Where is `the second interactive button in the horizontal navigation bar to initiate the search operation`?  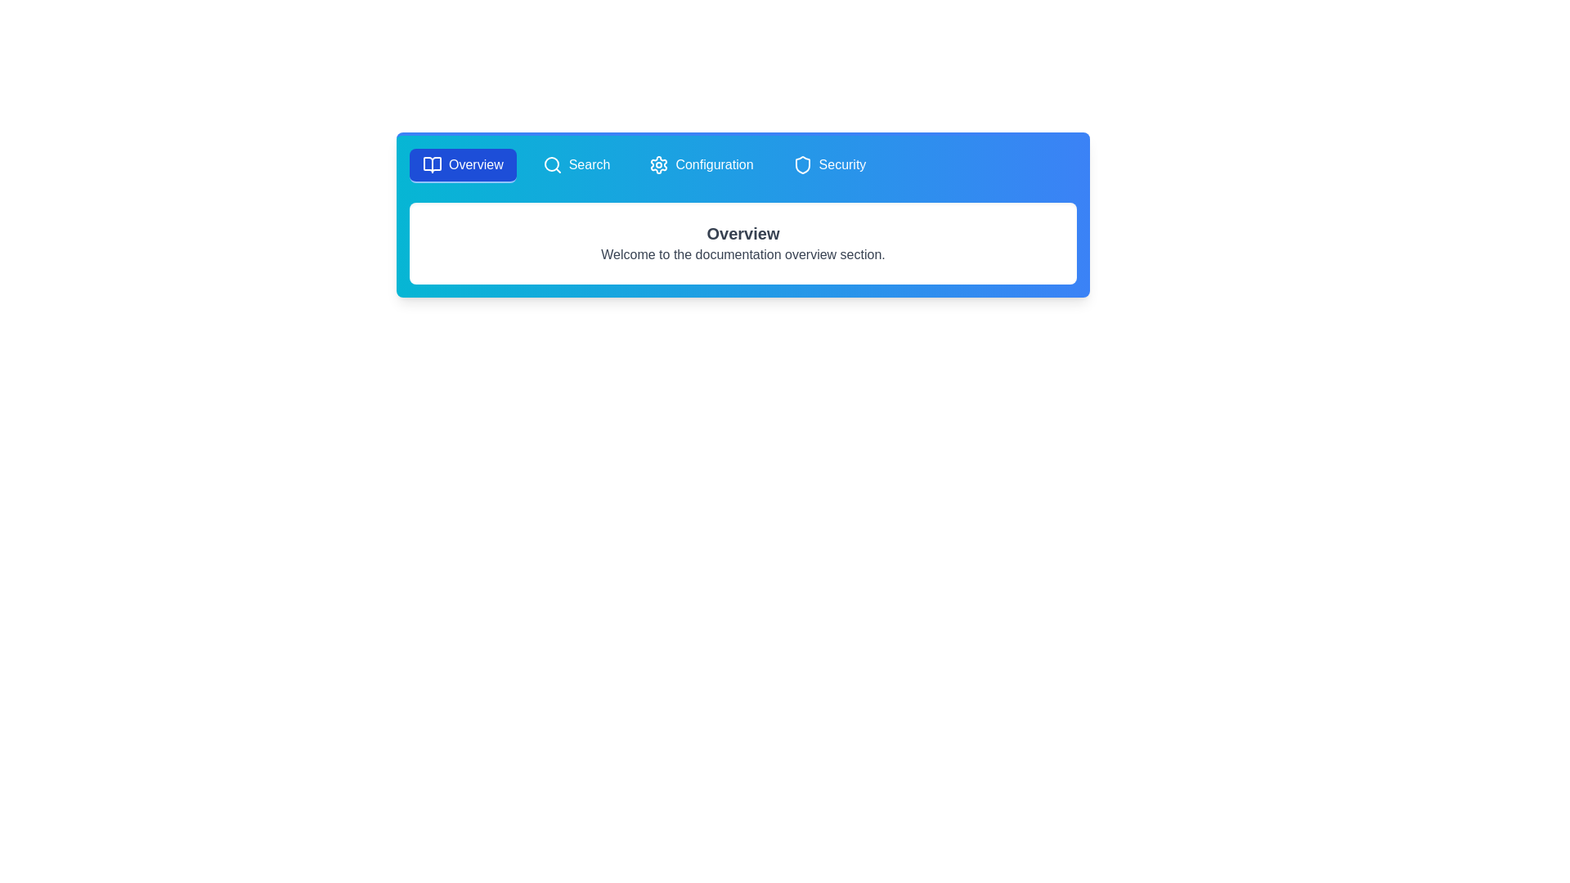 the second interactive button in the horizontal navigation bar to initiate the search operation is located at coordinates (576, 166).